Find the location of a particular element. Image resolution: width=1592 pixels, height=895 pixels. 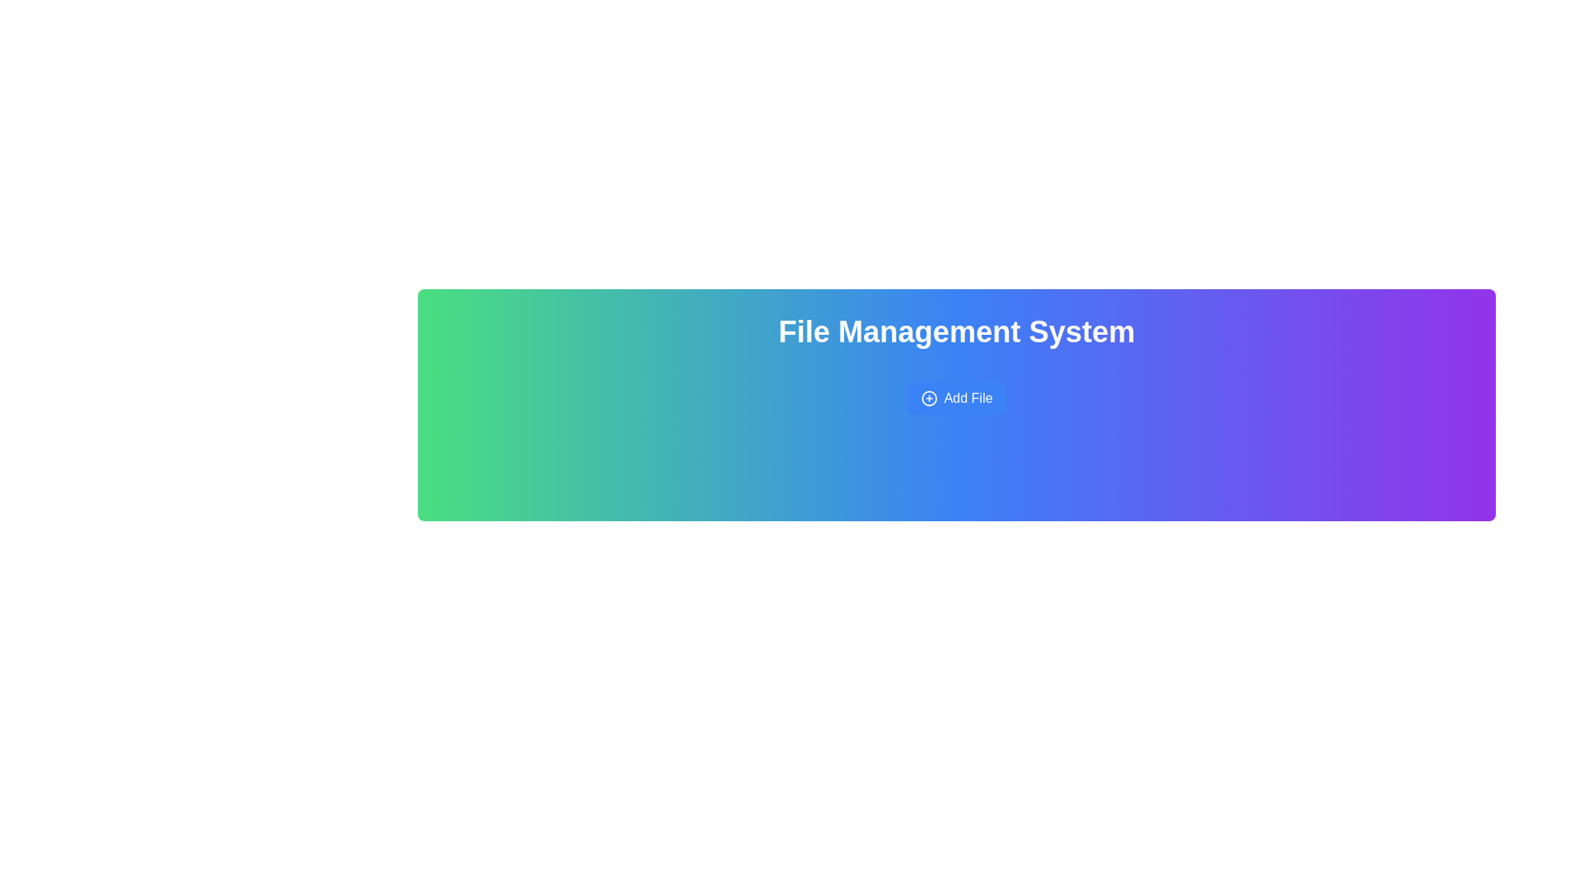

the add file icon located to the left of the 'Add File' text in the button is located at coordinates (929, 399).